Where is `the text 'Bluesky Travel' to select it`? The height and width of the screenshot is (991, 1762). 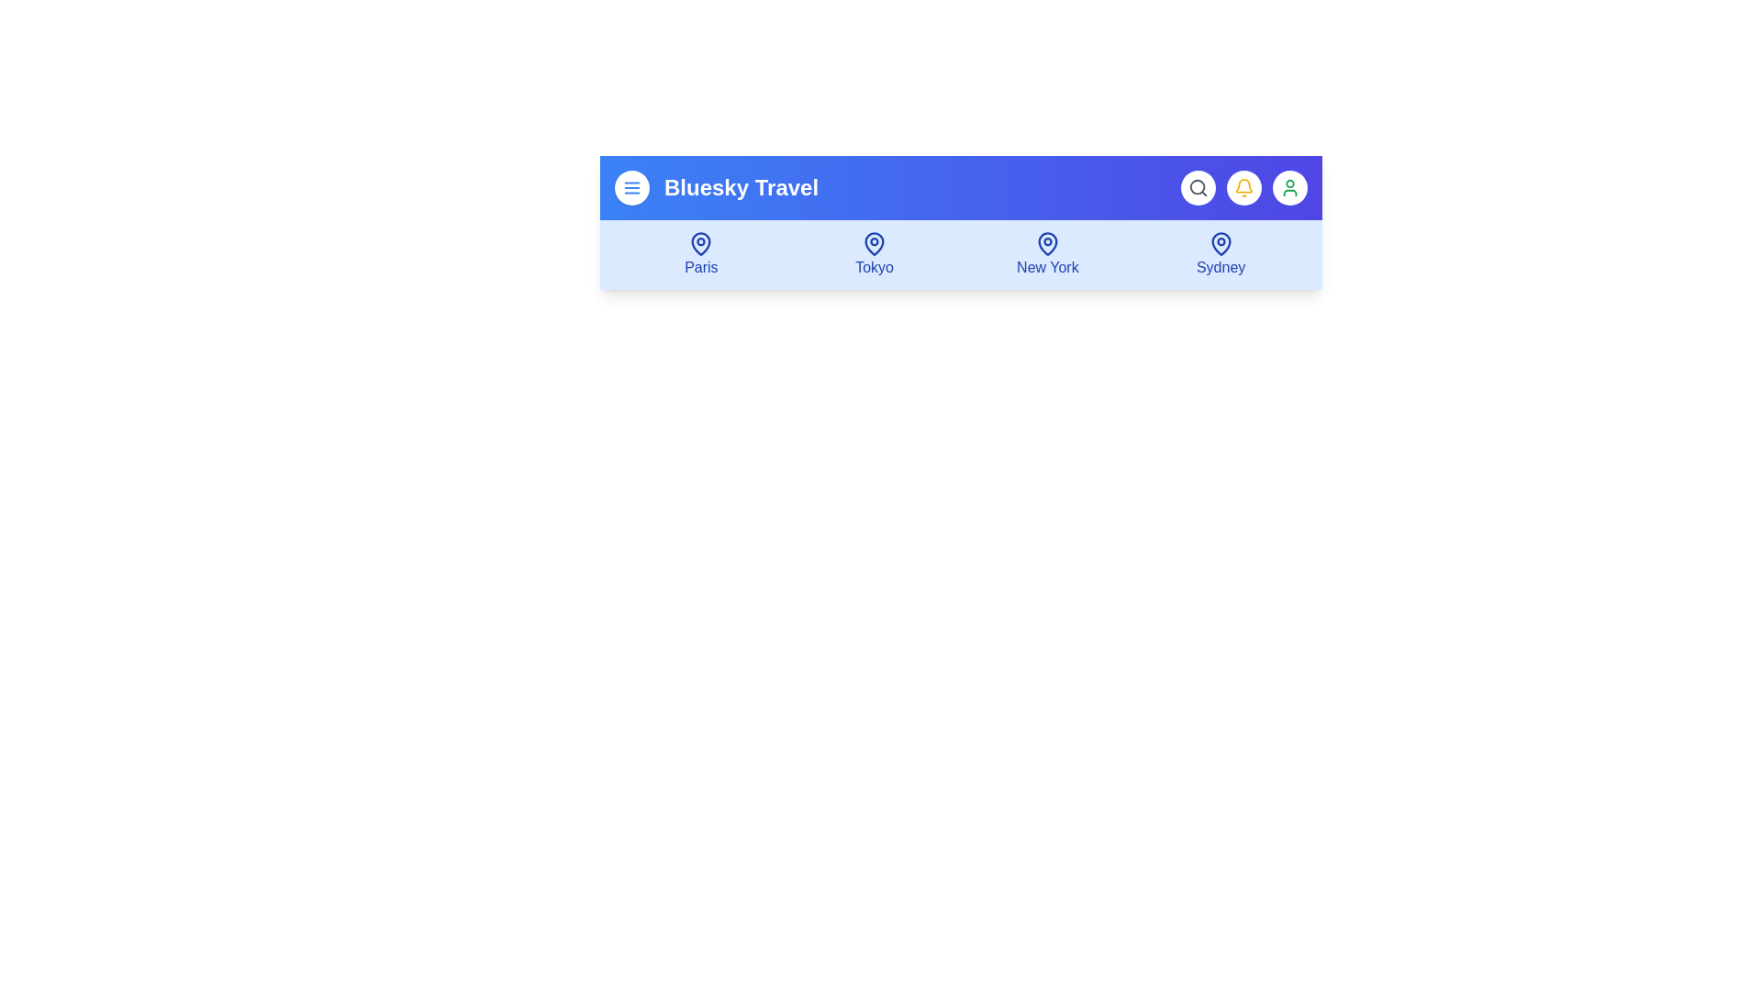 the text 'Bluesky Travel' to select it is located at coordinates (741, 187).